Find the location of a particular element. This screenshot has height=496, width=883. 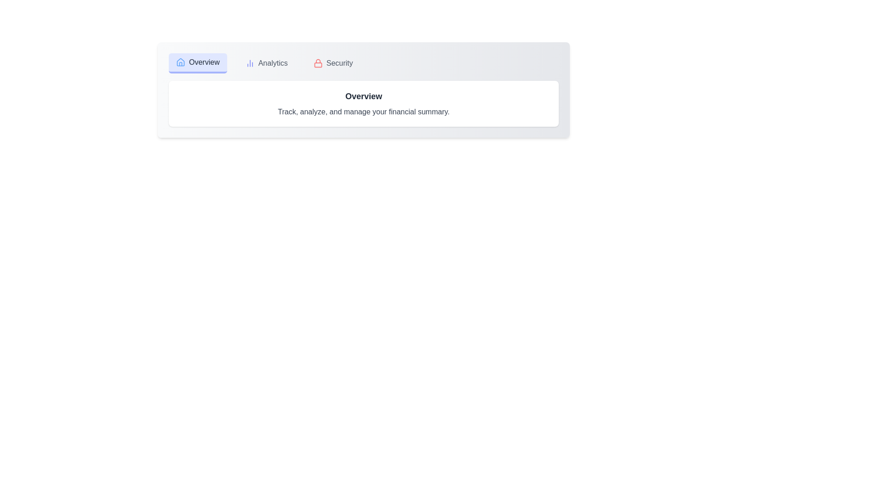

the Security tab is located at coordinates (333, 63).